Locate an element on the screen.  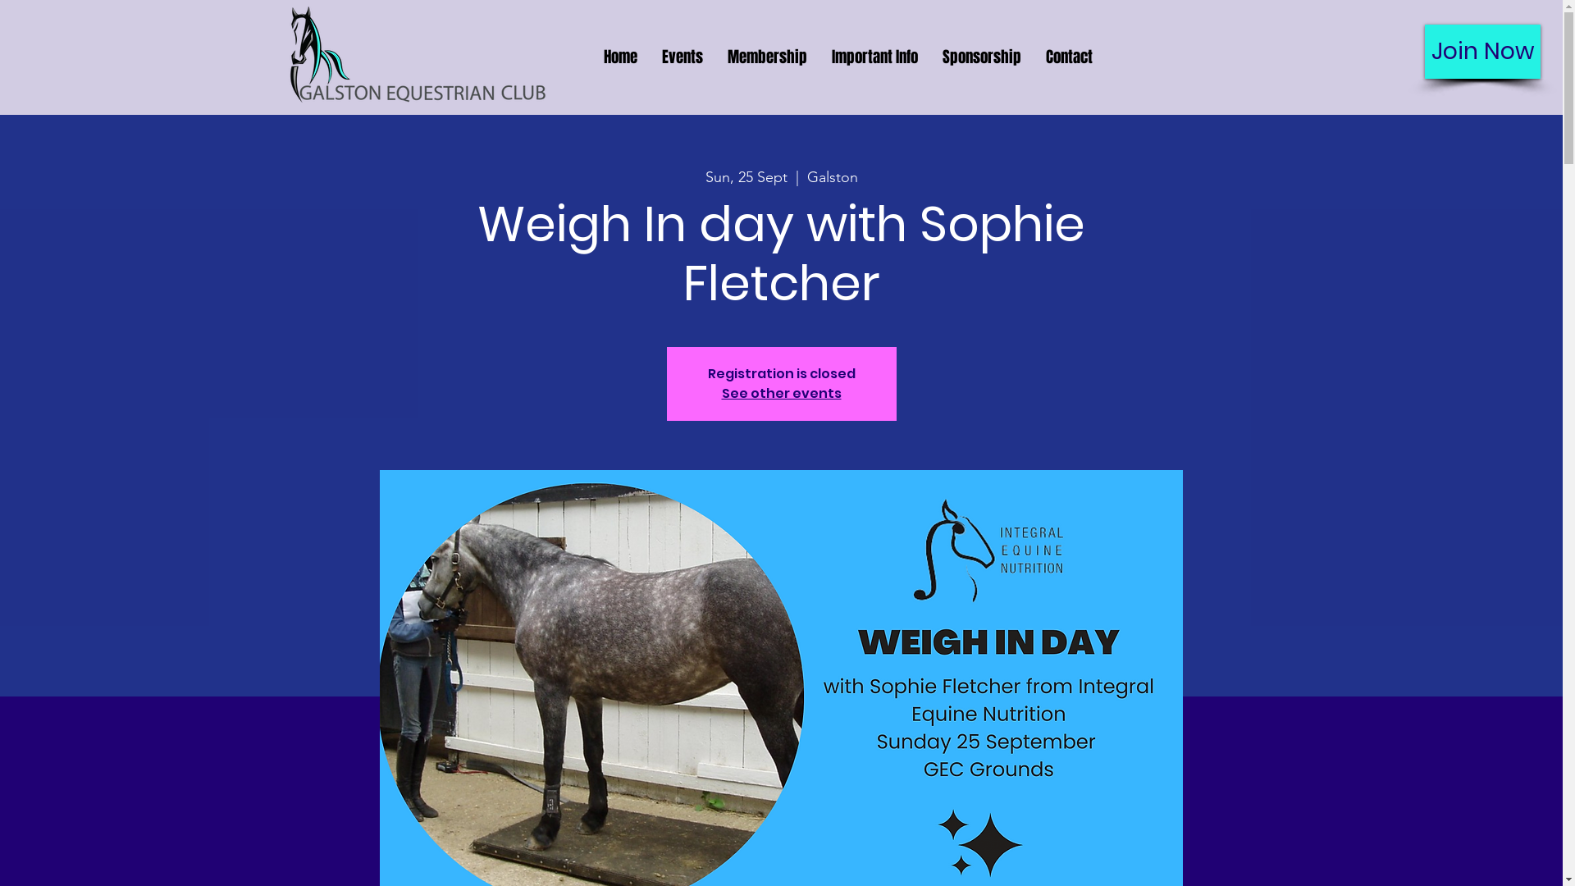
'Membership' is located at coordinates (766, 56).